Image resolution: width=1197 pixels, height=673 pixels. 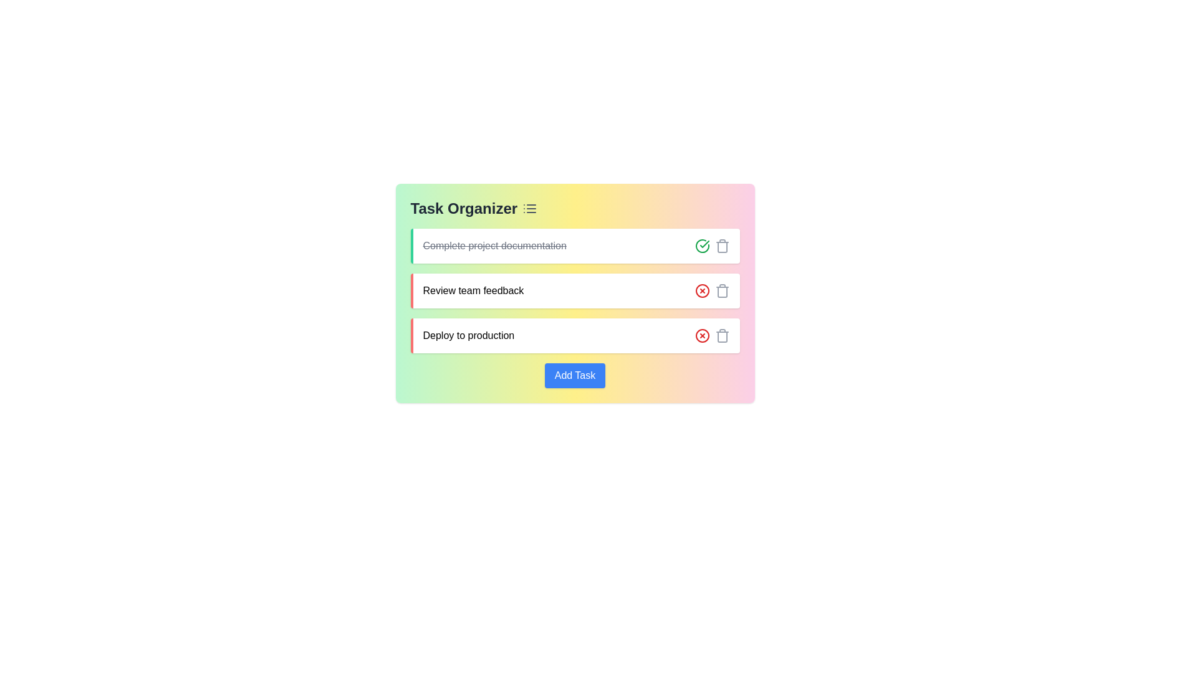 What do you see at coordinates (530, 208) in the screenshot?
I see `the list icon located in the header section, adjacent to the 'Task Organizer' text, which indicates categorized content` at bounding box center [530, 208].